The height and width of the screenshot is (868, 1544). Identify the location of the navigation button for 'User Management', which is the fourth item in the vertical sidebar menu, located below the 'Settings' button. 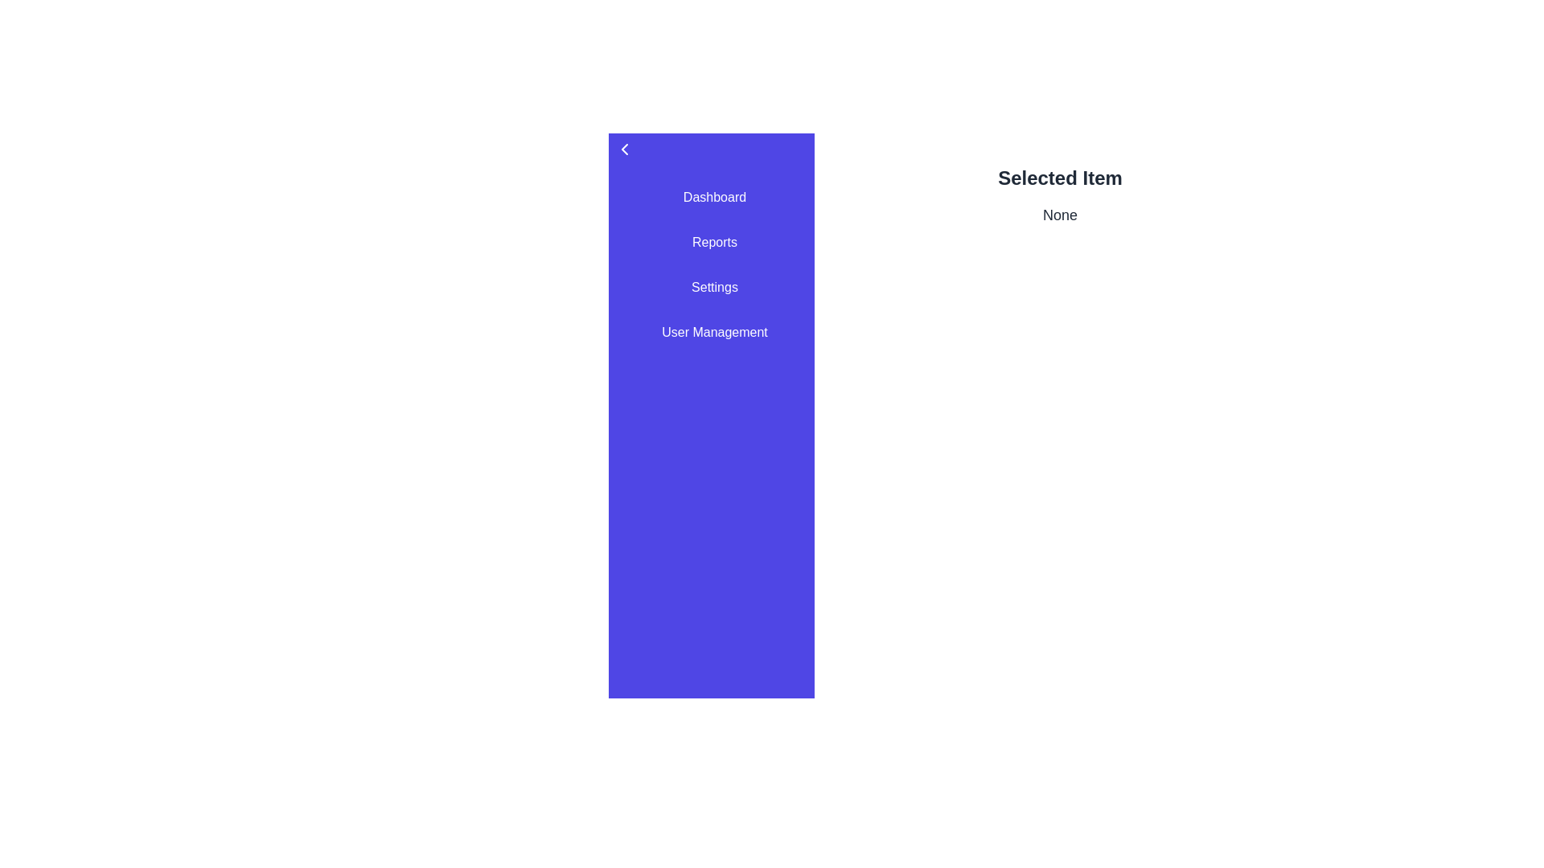
(713, 331).